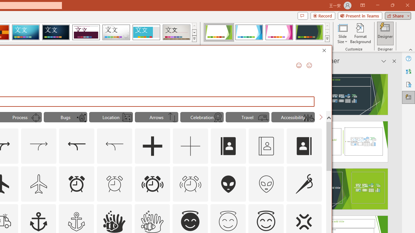 This screenshot has height=233, width=415. I want to click on '"Celebration" Icons.', so click(201, 117).